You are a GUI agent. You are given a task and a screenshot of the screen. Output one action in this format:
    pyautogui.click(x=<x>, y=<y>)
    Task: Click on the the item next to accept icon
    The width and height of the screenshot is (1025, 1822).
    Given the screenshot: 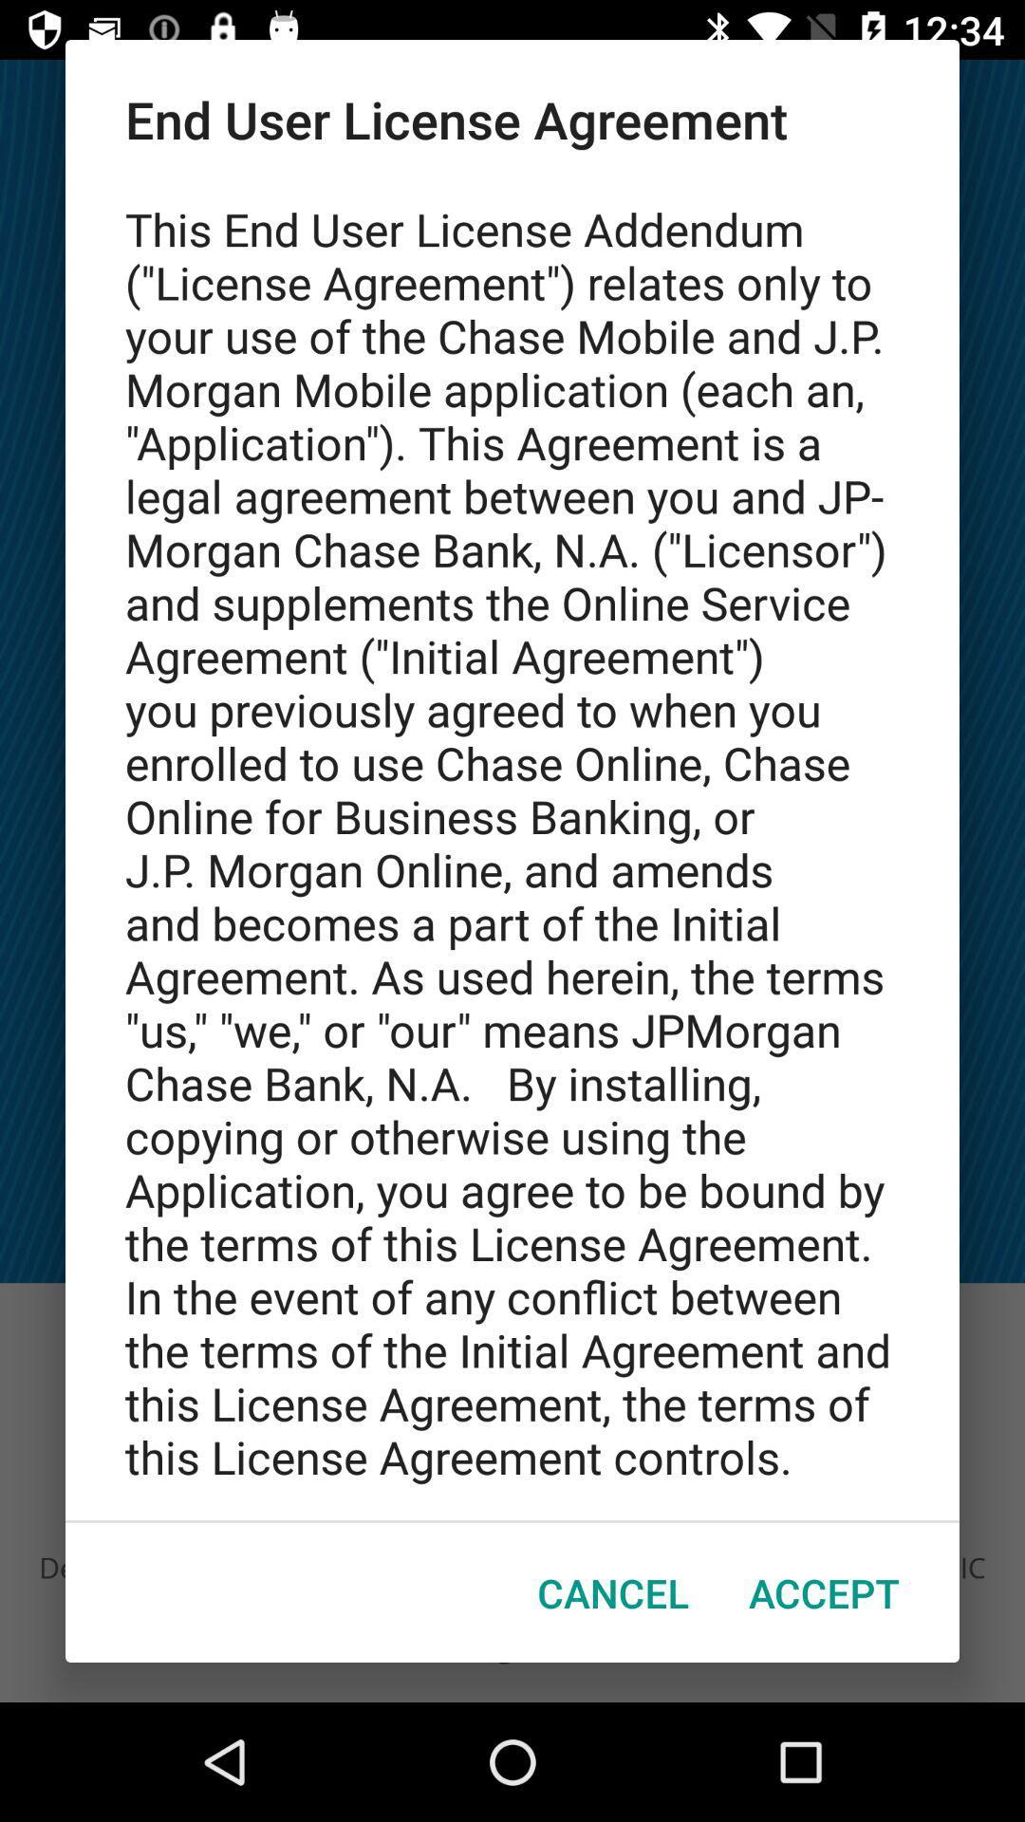 What is the action you would take?
    pyautogui.click(x=613, y=1592)
    